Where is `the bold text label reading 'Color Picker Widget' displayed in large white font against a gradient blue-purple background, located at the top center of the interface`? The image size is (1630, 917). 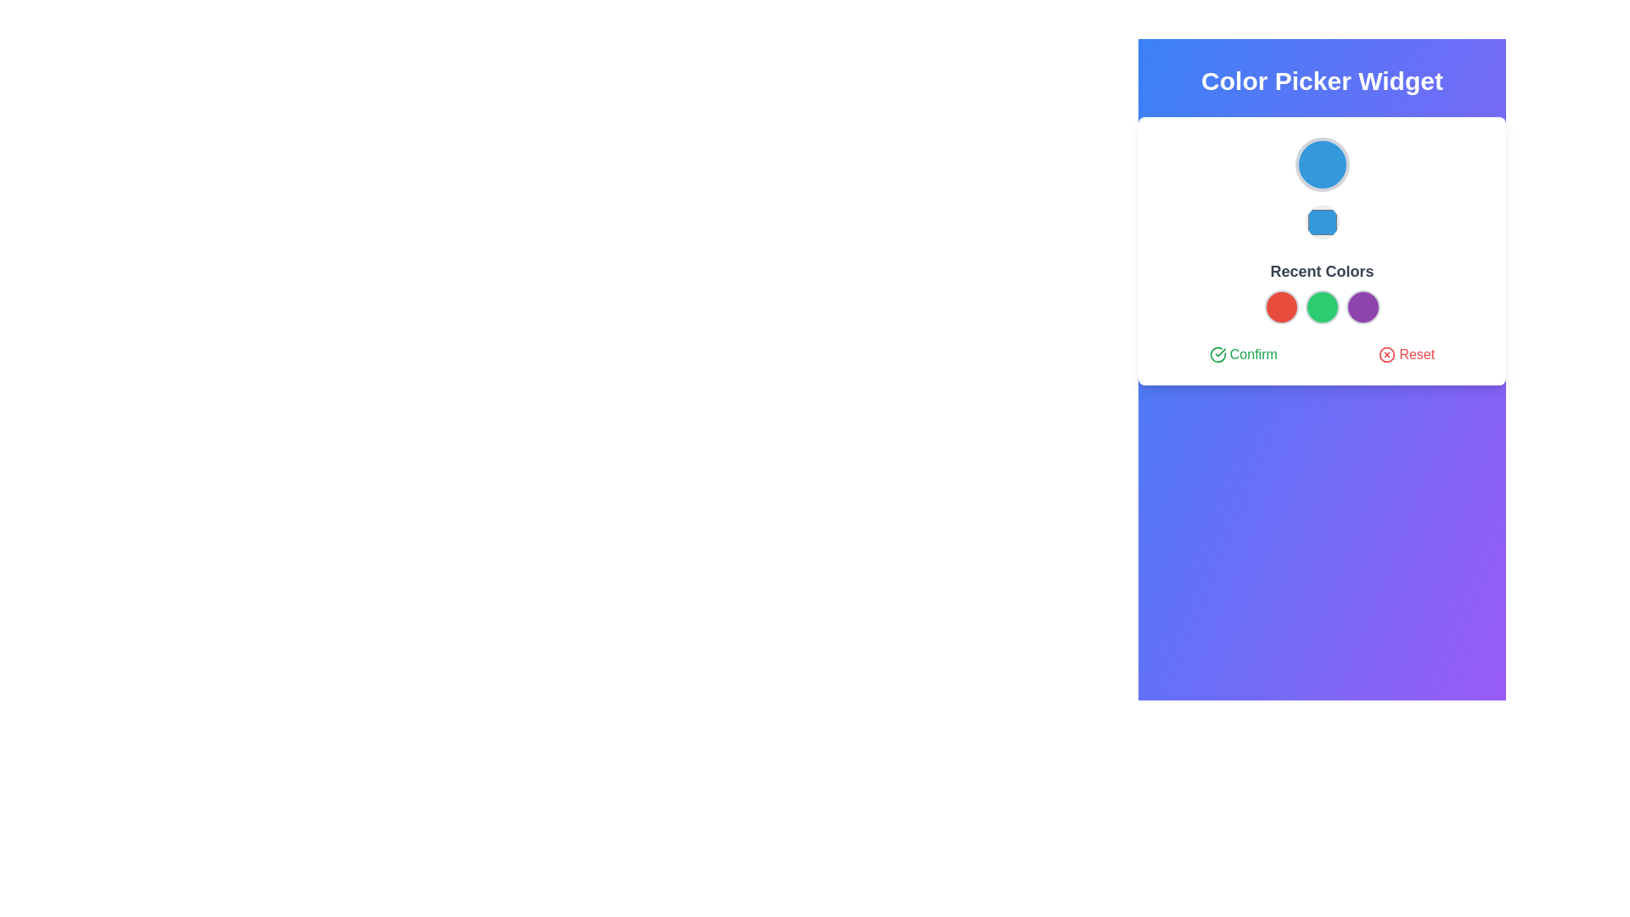 the bold text label reading 'Color Picker Widget' displayed in large white font against a gradient blue-purple background, located at the top center of the interface is located at coordinates (1321, 82).